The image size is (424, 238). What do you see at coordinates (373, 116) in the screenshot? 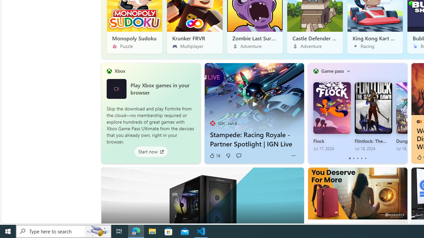
I see `'Flintlock: The Siege of Dawn Jul 18, 2024'` at bounding box center [373, 116].